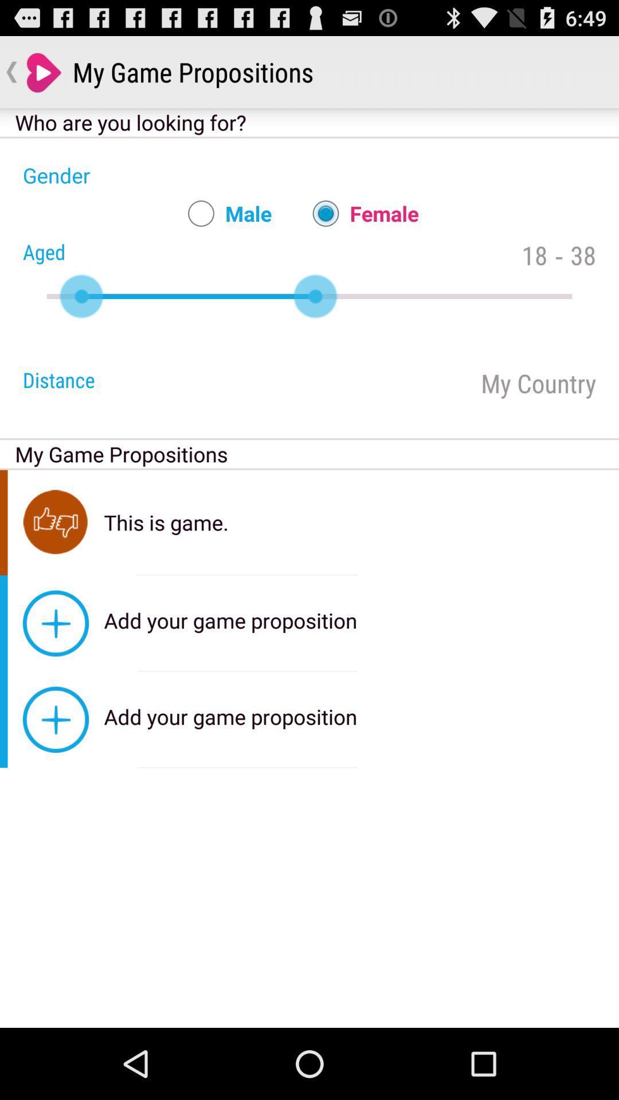 This screenshot has height=1100, width=619. What do you see at coordinates (41, 71) in the screenshot?
I see `the icon which is on top left corner` at bounding box center [41, 71].